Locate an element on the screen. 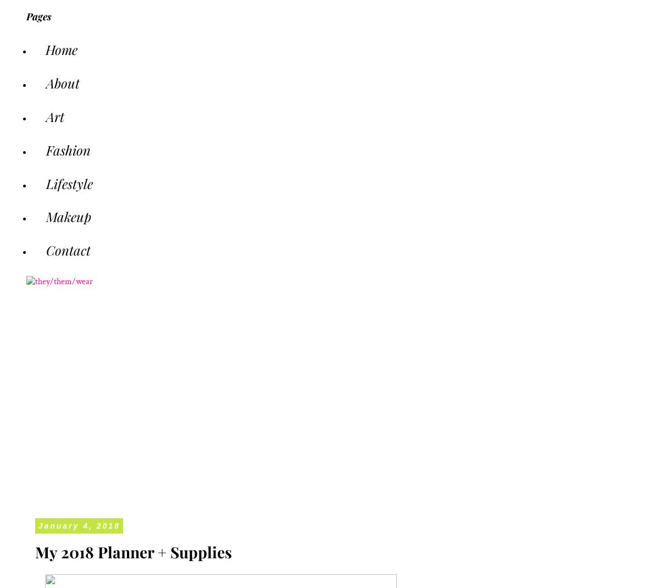 The image size is (664, 588). 'Contact' is located at coordinates (68, 249).